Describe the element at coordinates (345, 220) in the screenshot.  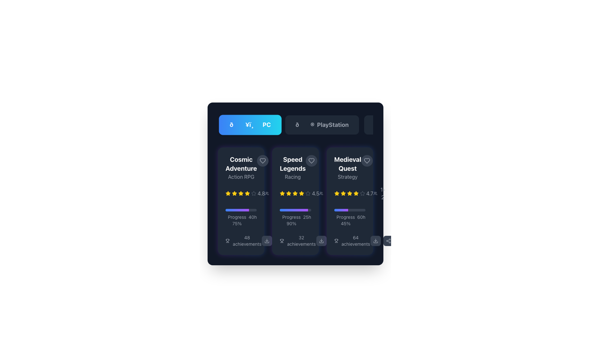
I see `the static text label displaying 'Progress 45%', located in the bottom section of the third card, below the progress bar and before the '60h' label` at that location.